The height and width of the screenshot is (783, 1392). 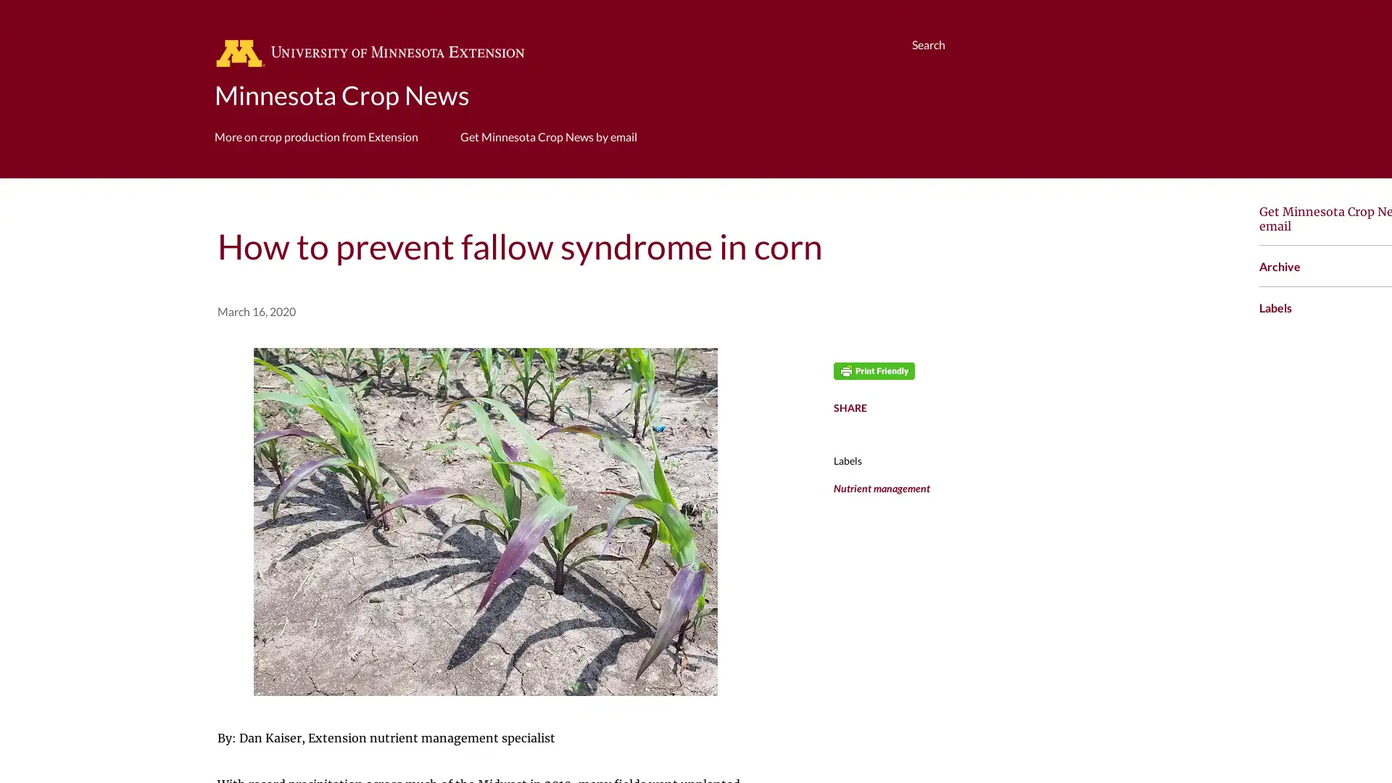 What do you see at coordinates (929, 43) in the screenshot?
I see `Search` at bounding box center [929, 43].